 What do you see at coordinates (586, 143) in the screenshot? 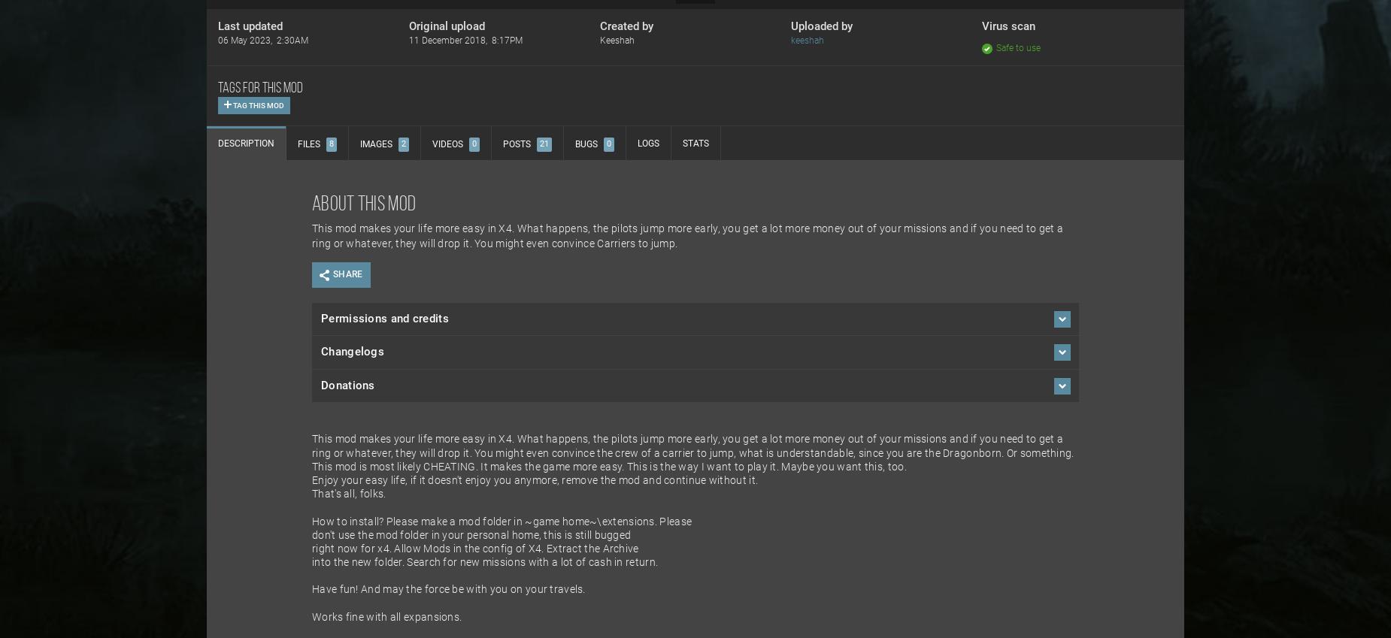
I see `'Bugs'` at bounding box center [586, 143].